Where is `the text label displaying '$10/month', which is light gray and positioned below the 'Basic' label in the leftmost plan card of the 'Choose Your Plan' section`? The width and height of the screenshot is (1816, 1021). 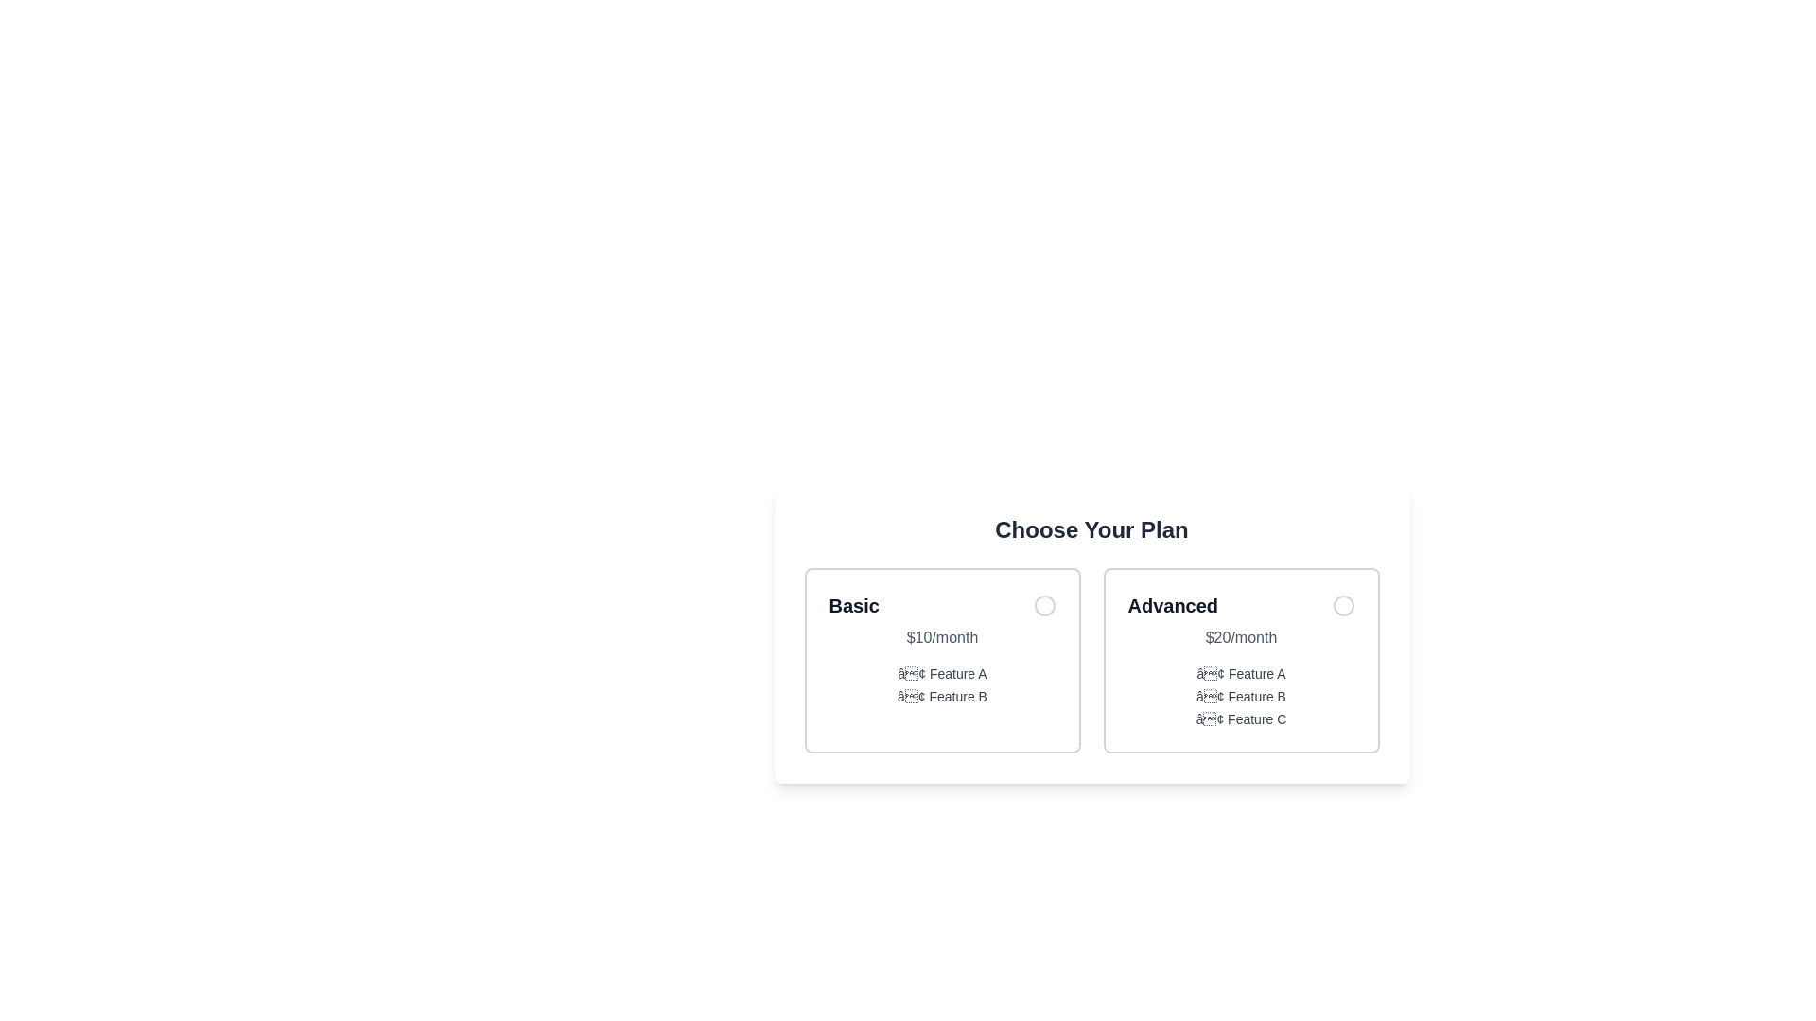 the text label displaying '$10/month', which is light gray and positioned below the 'Basic' label in the leftmost plan card of the 'Choose Your Plan' section is located at coordinates (942, 638).